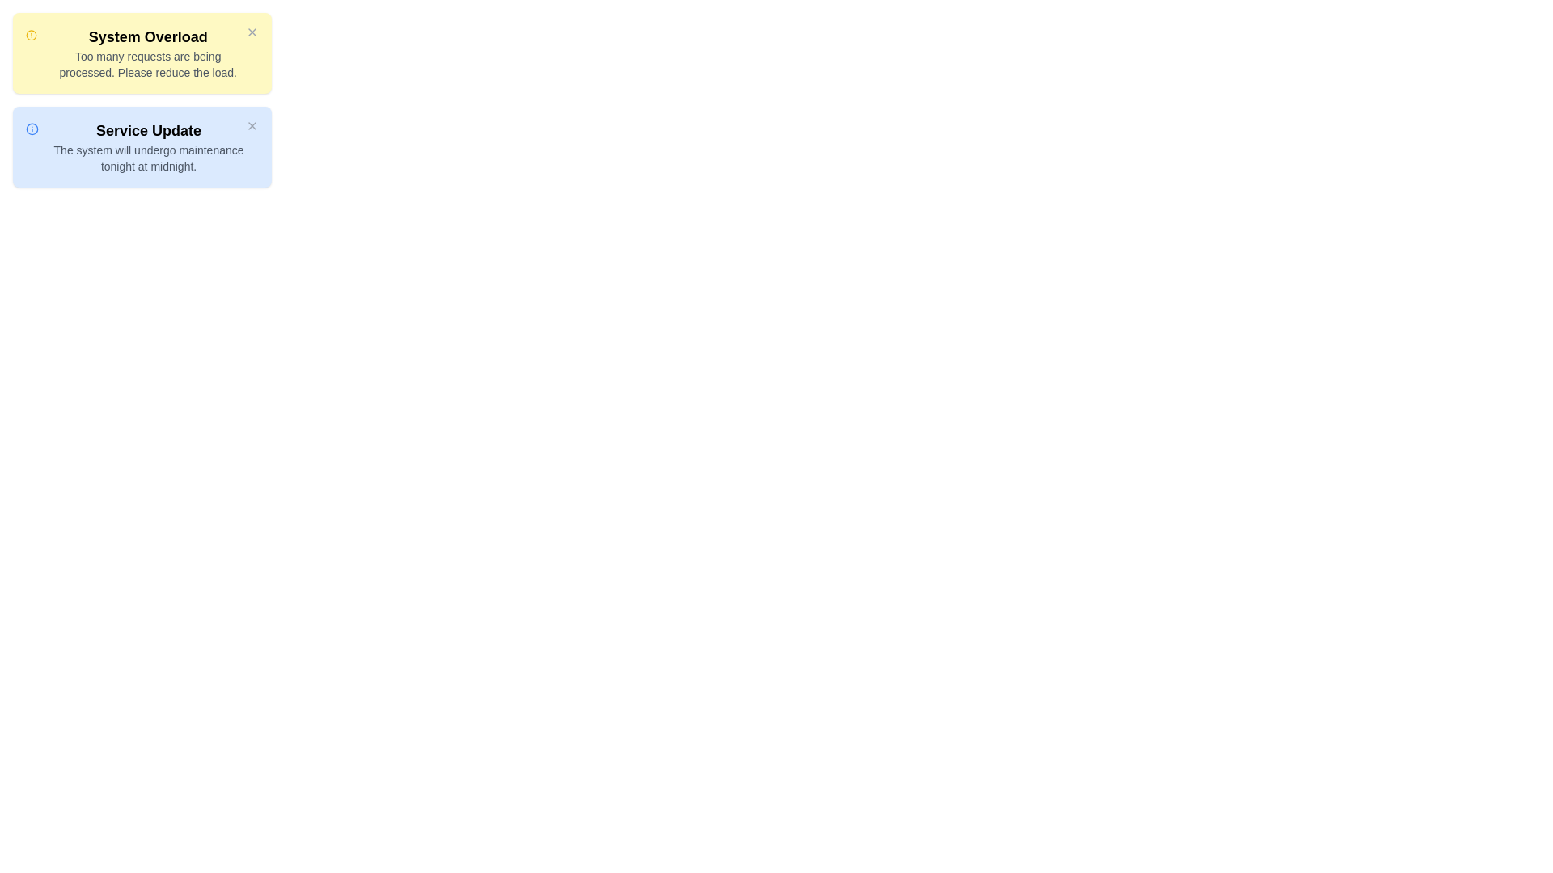 The height and width of the screenshot is (873, 1553). I want to click on the blue circular outline SVG element that represents a circular icon in the lower notification box, preceding the service update text, so click(32, 128).